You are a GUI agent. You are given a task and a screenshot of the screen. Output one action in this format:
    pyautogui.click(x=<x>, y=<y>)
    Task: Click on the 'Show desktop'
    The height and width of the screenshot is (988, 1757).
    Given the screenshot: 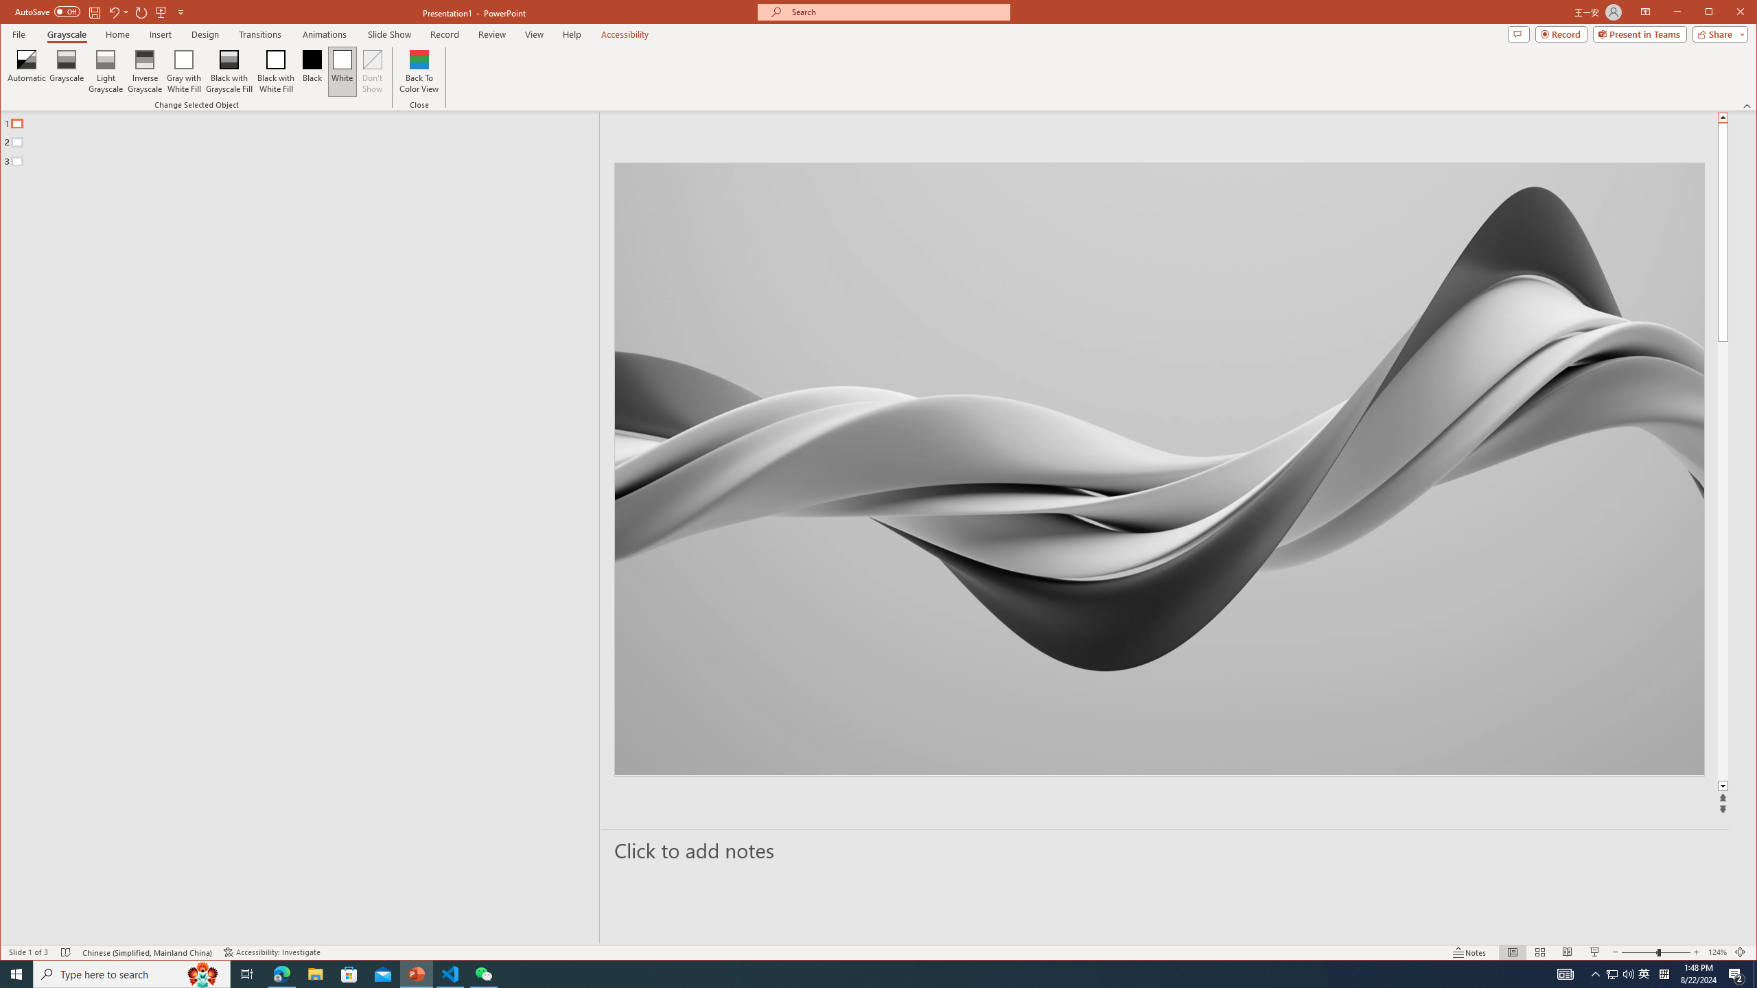 What is the action you would take?
    pyautogui.click(x=1754, y=973)
    